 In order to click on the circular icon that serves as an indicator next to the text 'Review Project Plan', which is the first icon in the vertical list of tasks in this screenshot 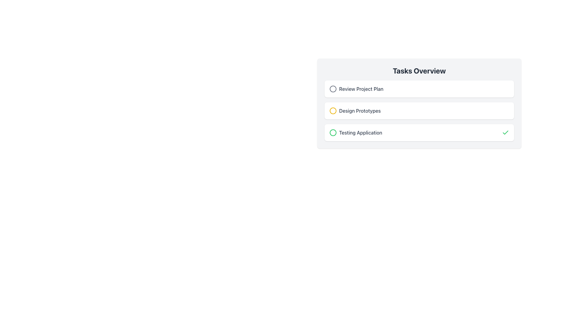, I will do `click(333, 89)`.